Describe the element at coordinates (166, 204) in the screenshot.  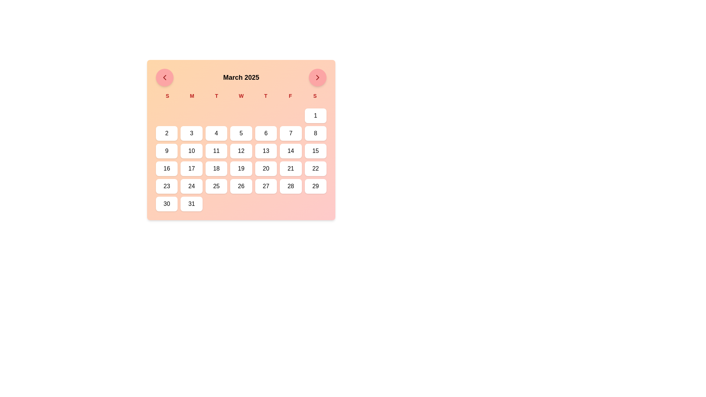
I see `the button representing the 30th day of March 2025 in the calendar view` at that location.